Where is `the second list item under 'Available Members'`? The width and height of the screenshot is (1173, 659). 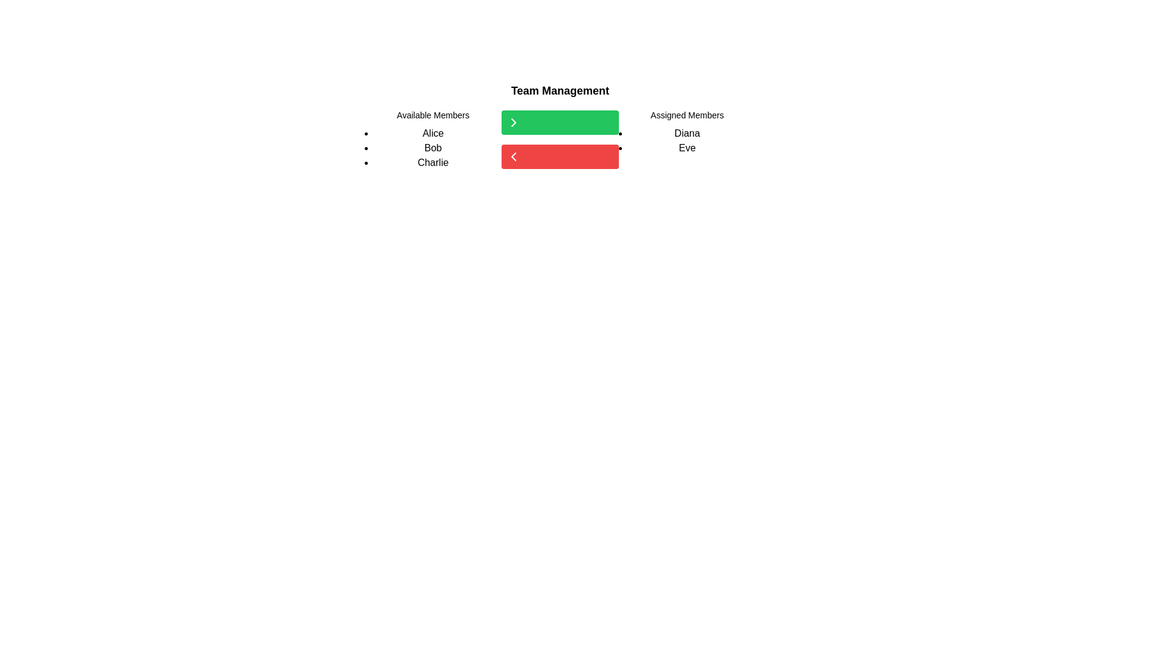
the second list item under 'Available Members' is located at coordinates (433, 148).